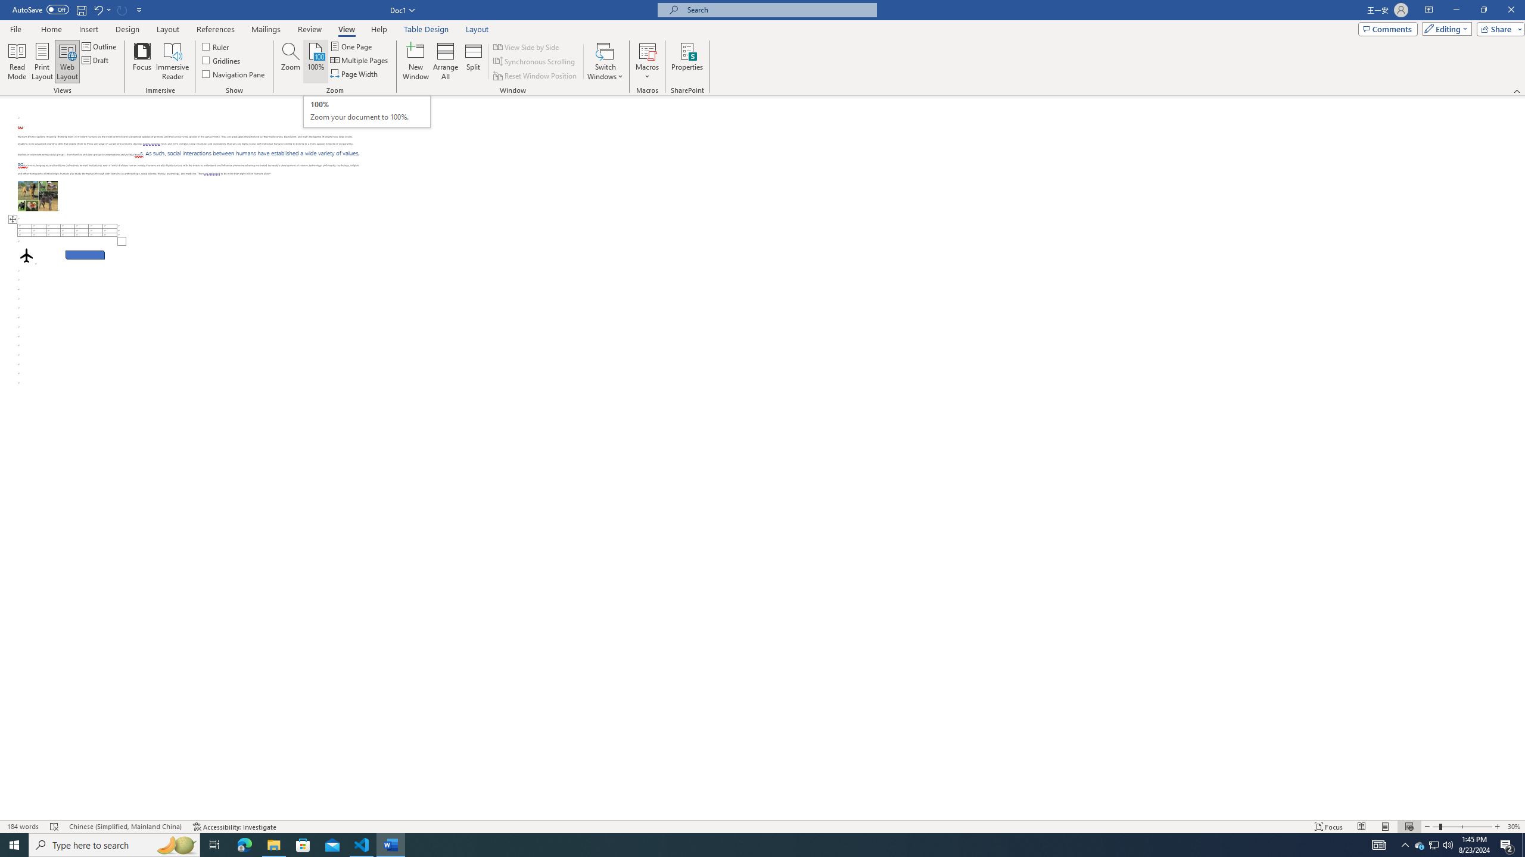 The height and width of the screenshot is (857, 1525). I want to click on 'Ruler', so click(216, 46).